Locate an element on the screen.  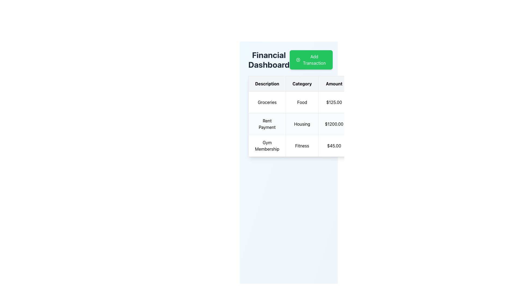
the static text label displaying '$125.00' located in the third cell of the first row under the 'Amount' column is located at coordinates (334, 102).